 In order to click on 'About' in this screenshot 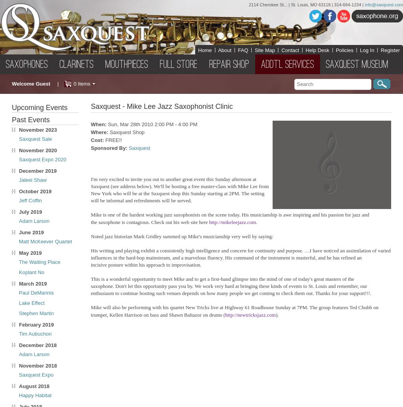, I will do `click(224, 50)`.